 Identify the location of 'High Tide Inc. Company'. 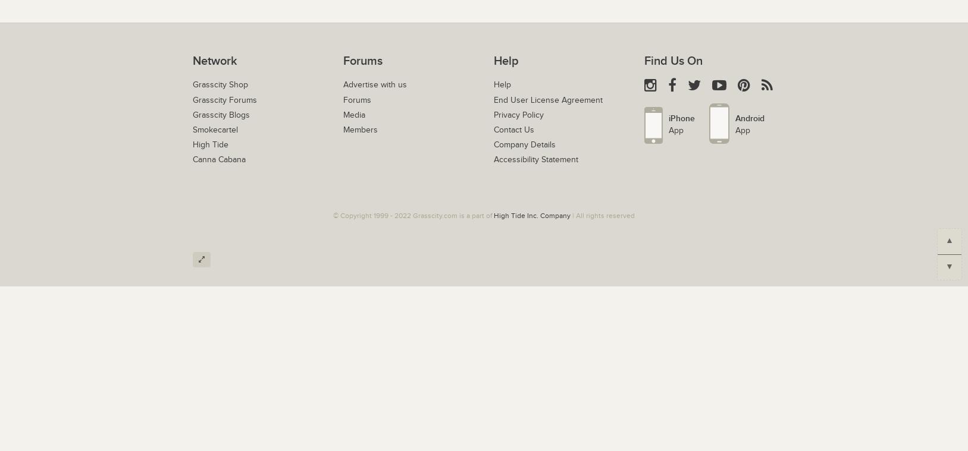
(532, 214).